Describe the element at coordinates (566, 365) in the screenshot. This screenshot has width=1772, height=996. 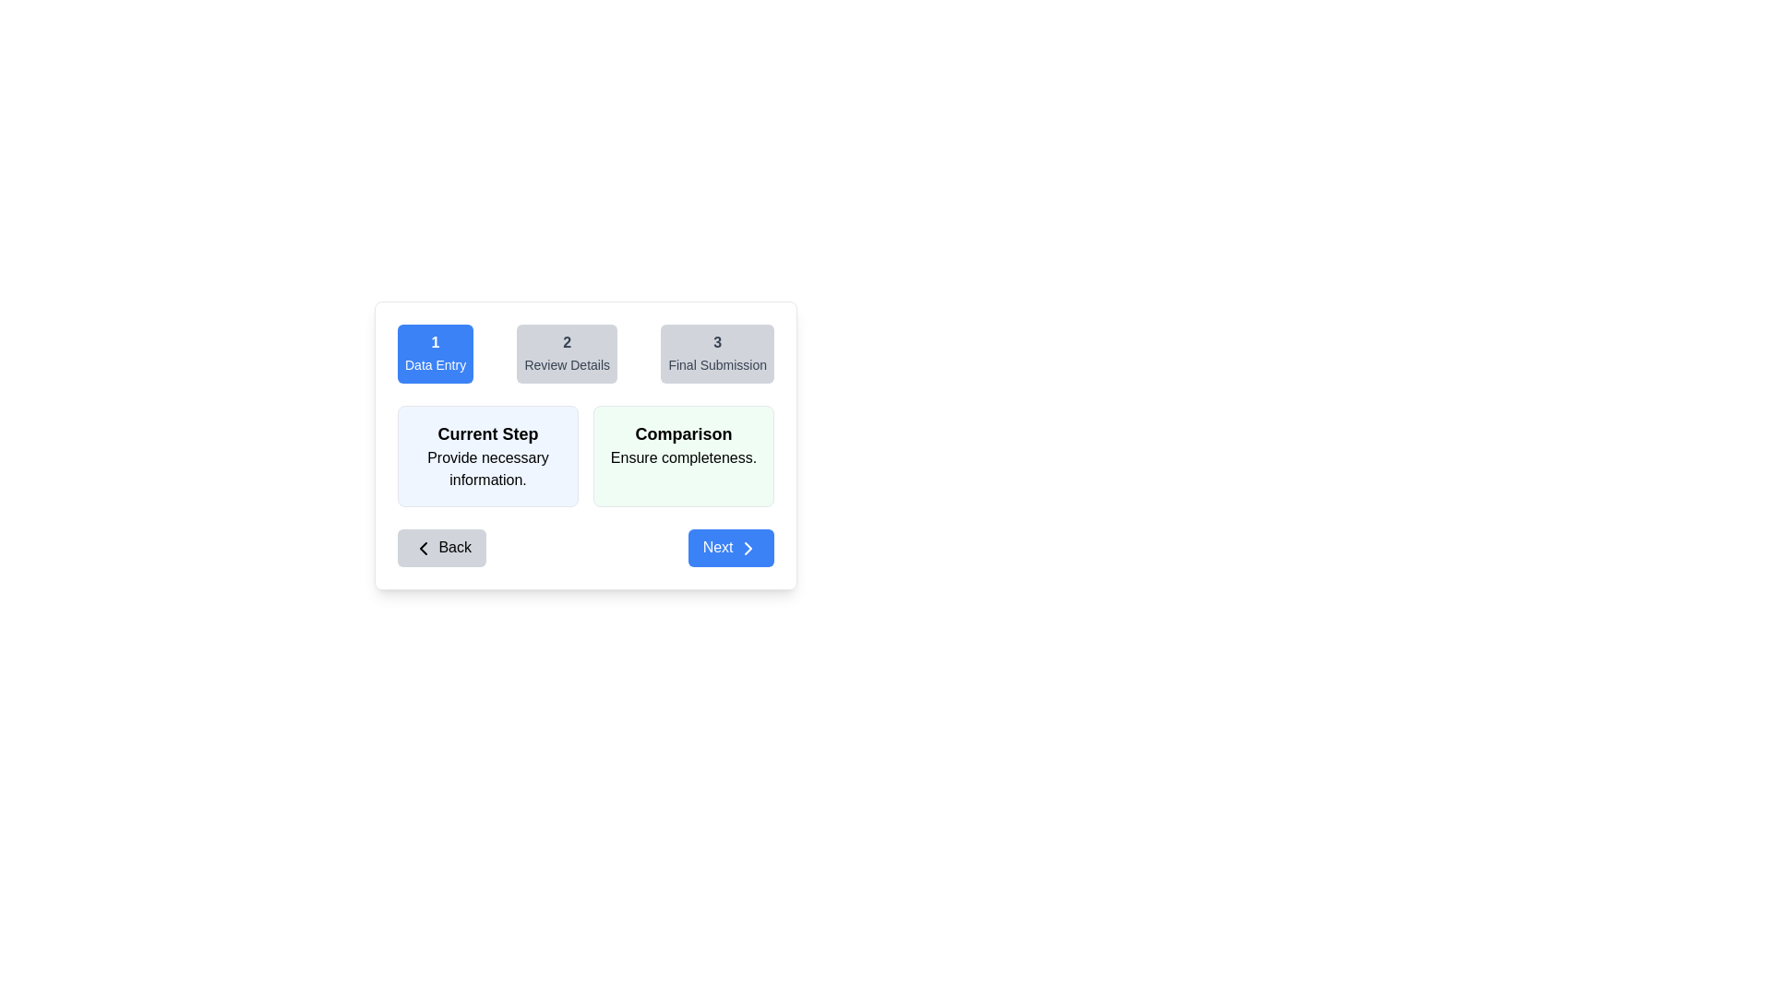
I see `the text label indicating the title or description for the second step of the multi-step process interface, located under the number '2'` at that location.